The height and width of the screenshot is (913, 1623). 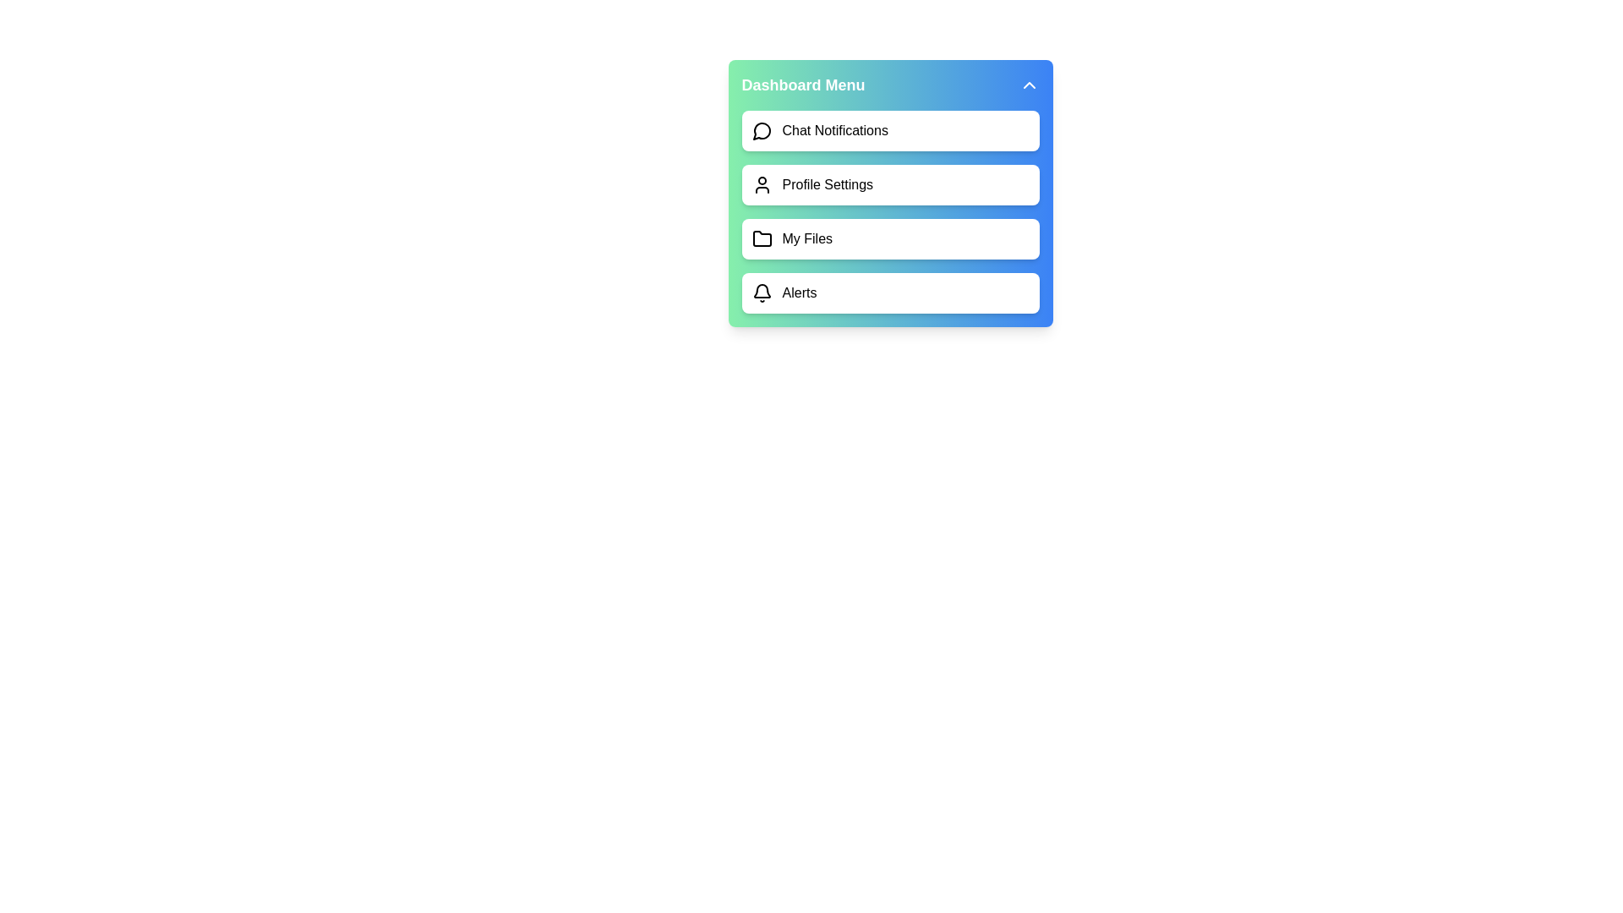 I want to click on the menu item Chat Notifications to observe its hover effect, so click(x=889, y=129).